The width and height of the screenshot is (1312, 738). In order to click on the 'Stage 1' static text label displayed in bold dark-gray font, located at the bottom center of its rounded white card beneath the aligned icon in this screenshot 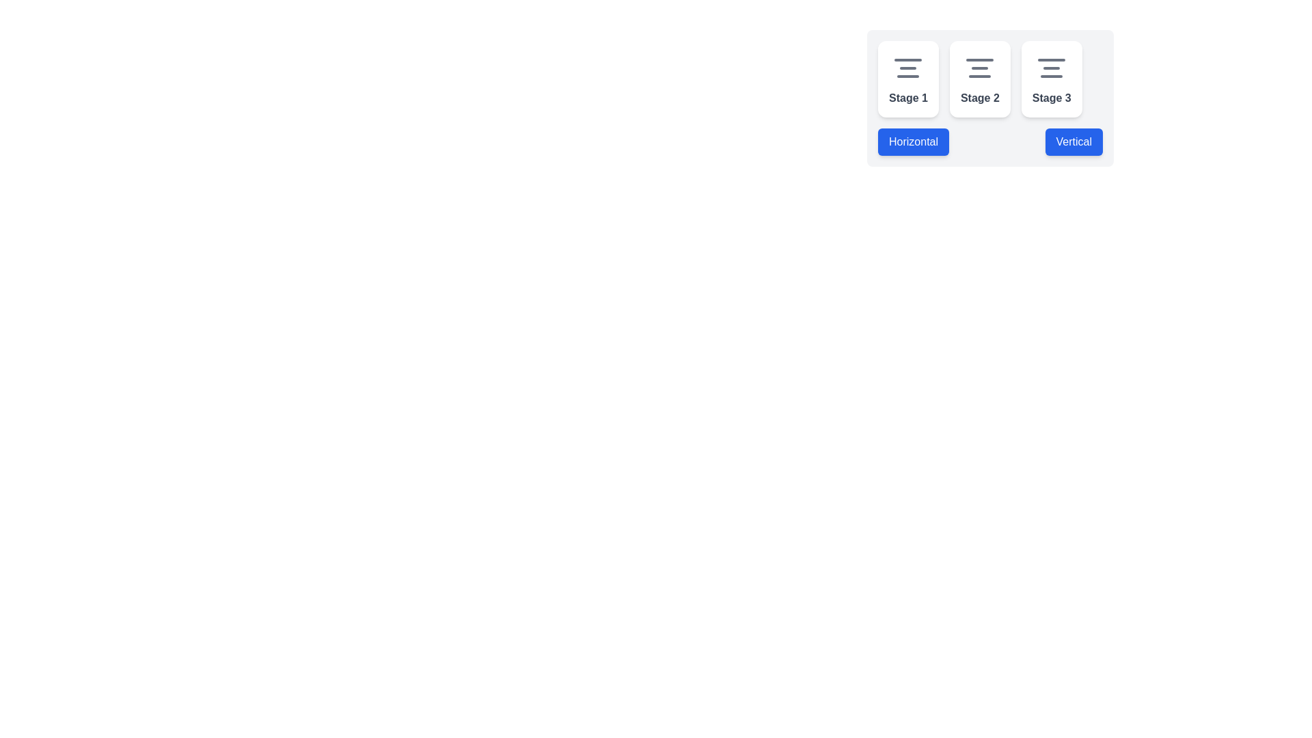, I will do `click(908, 97)`.